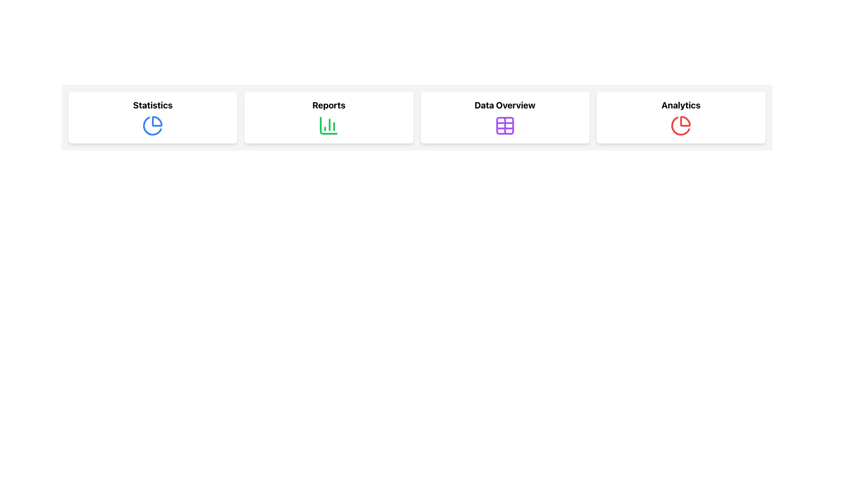  What do you see at coordinates (328, 104) in the screenshot?
I see `the Text Label that indicates the purpose or content of the associated section in the second card, located between the 'Statistics' and 'Data Overview' cards` at bounding box center [328, 104].